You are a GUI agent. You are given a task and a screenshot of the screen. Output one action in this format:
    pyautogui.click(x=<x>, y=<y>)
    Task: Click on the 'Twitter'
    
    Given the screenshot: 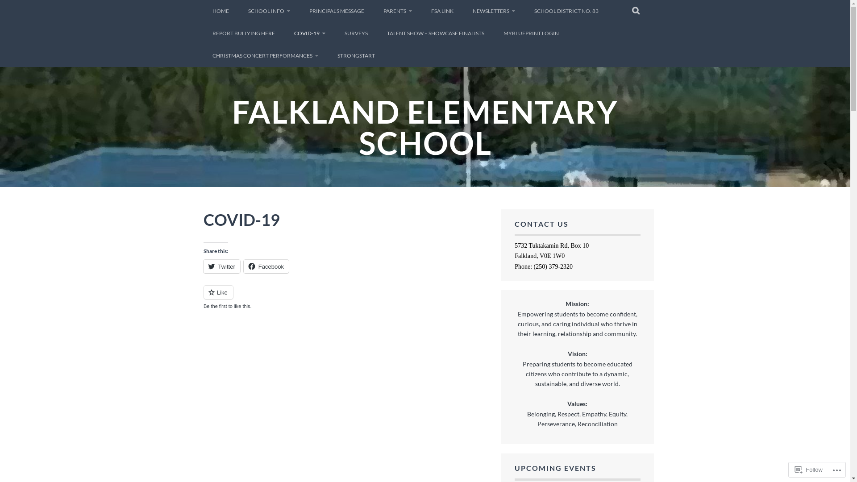 What is the action you would take?
    pyautogui.click(x=222, y=266)
    